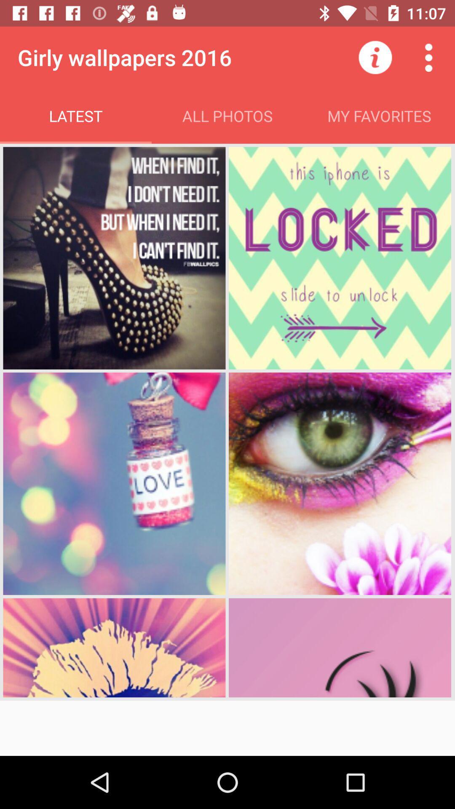 Image resolution: width=455 pixels, height=809 pixels. What do you see at coordinates (428, 57) in the screenshot?
I see `the menu button` at bounding box center [428, 57].